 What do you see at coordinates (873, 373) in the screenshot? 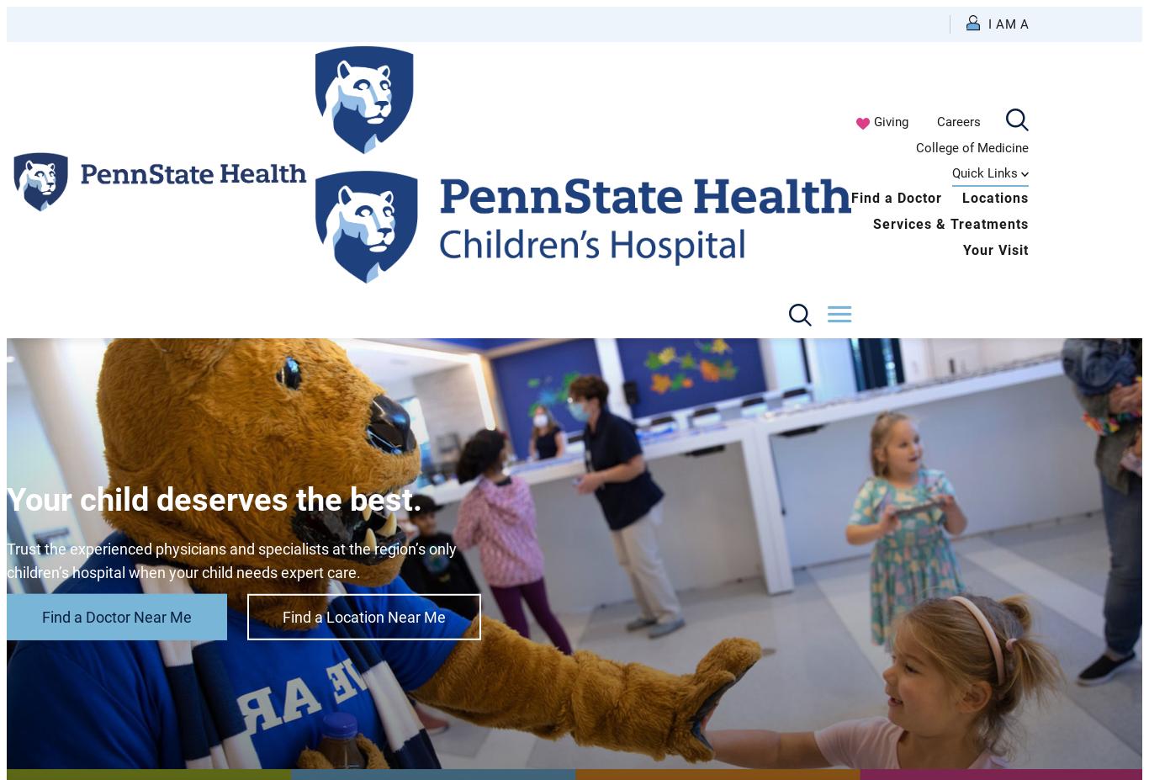
I see `'Give to Penn State'` at bounding box center [873, 373].